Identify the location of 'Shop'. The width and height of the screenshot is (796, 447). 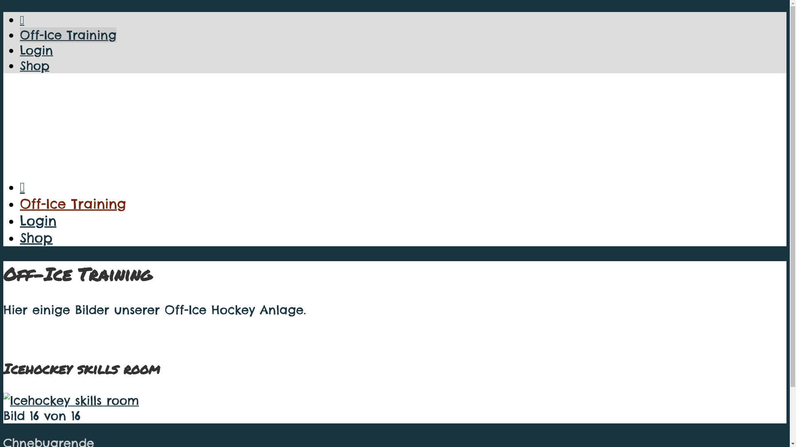
(20, 65).